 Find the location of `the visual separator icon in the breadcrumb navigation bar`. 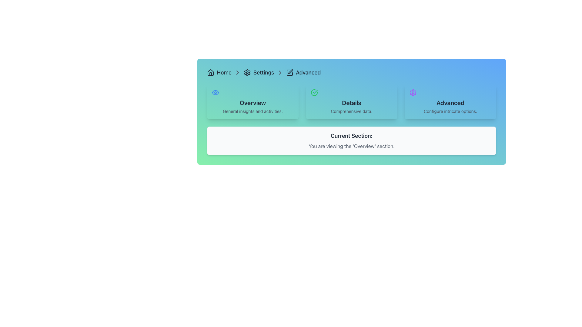

the visual separator icon in the breadcrumb navigation bar is located at coordinates (237, 72).